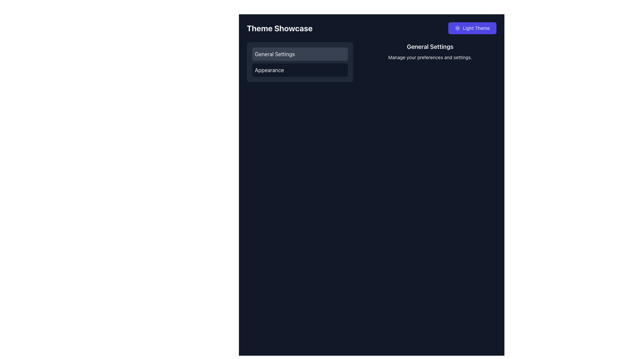  Describe the element at coordinates (472, 28) in the screenshot. I see `the 'Light Theme' button, which is a horizontally rectangular button with a purple background and a sun icon, located in the top-right corner of the application interface` at that location.